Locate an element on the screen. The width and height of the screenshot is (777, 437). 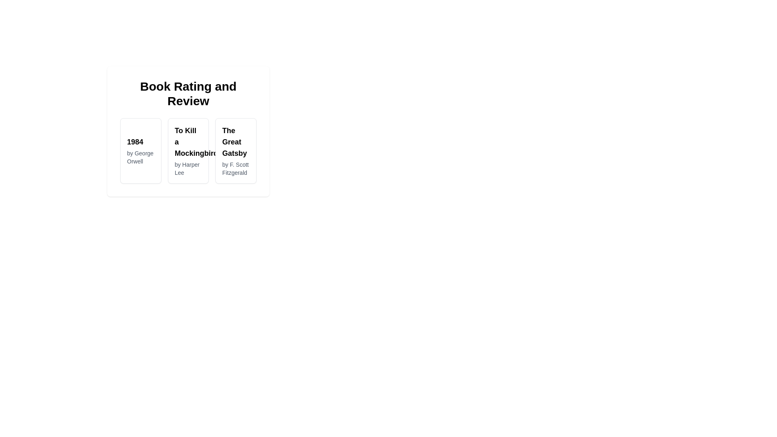
the text label that reads 'by Harper Lee', which is positioned below the title 'To Kill a Mockingbird' in the middle card of three horizontally aligned cards is located at coordinates (188, 168).